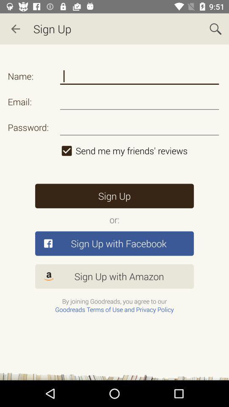 The height and width of the screenshot is (407, 229). I want to click on item next to password: icon, so click(140, 151).